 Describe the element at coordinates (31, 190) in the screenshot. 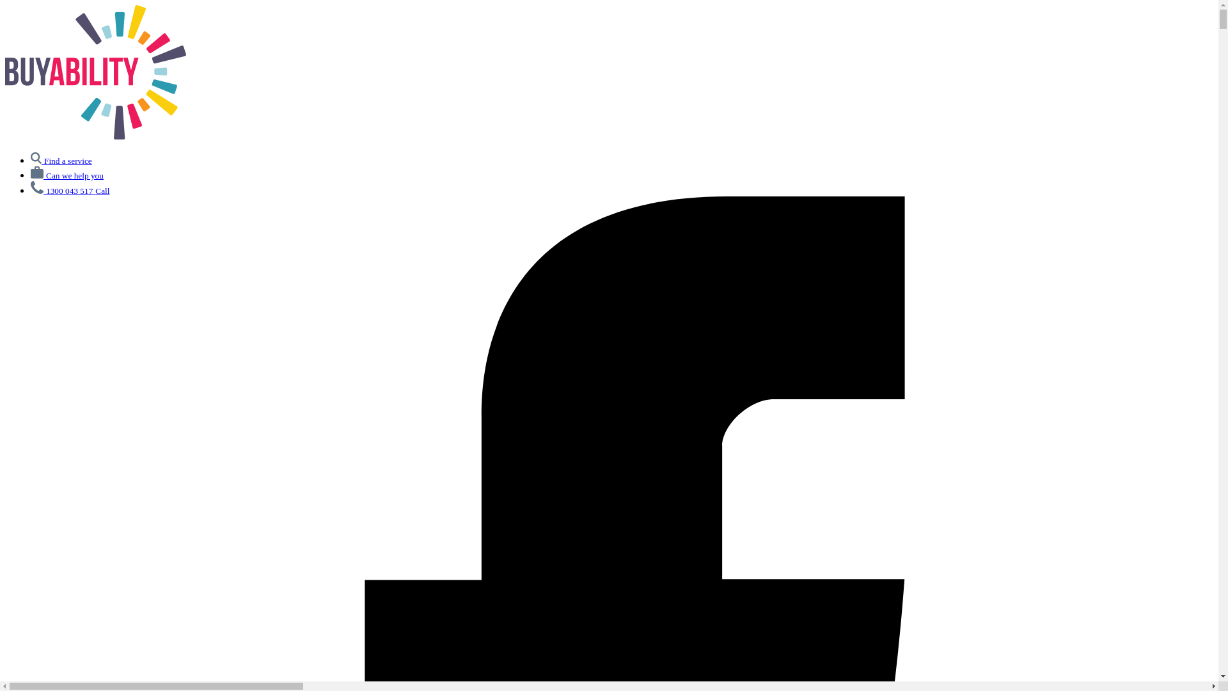

I see `'1300 043 517 Call'` at that location.